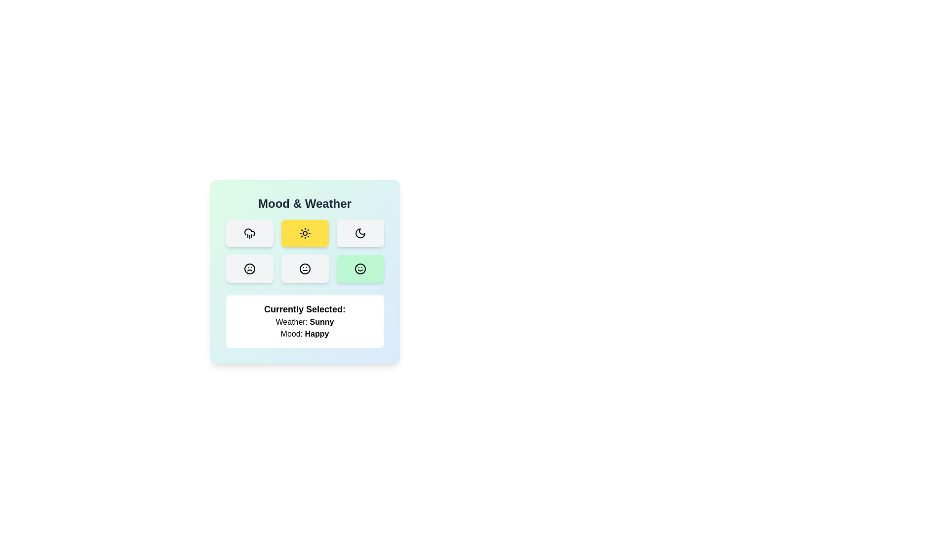  Describe the element at coordinates (359, 233) in the screenshot. I see `the light gray rounded button with a crescent moon icon, located to the right of the yellow sun button` at that location.